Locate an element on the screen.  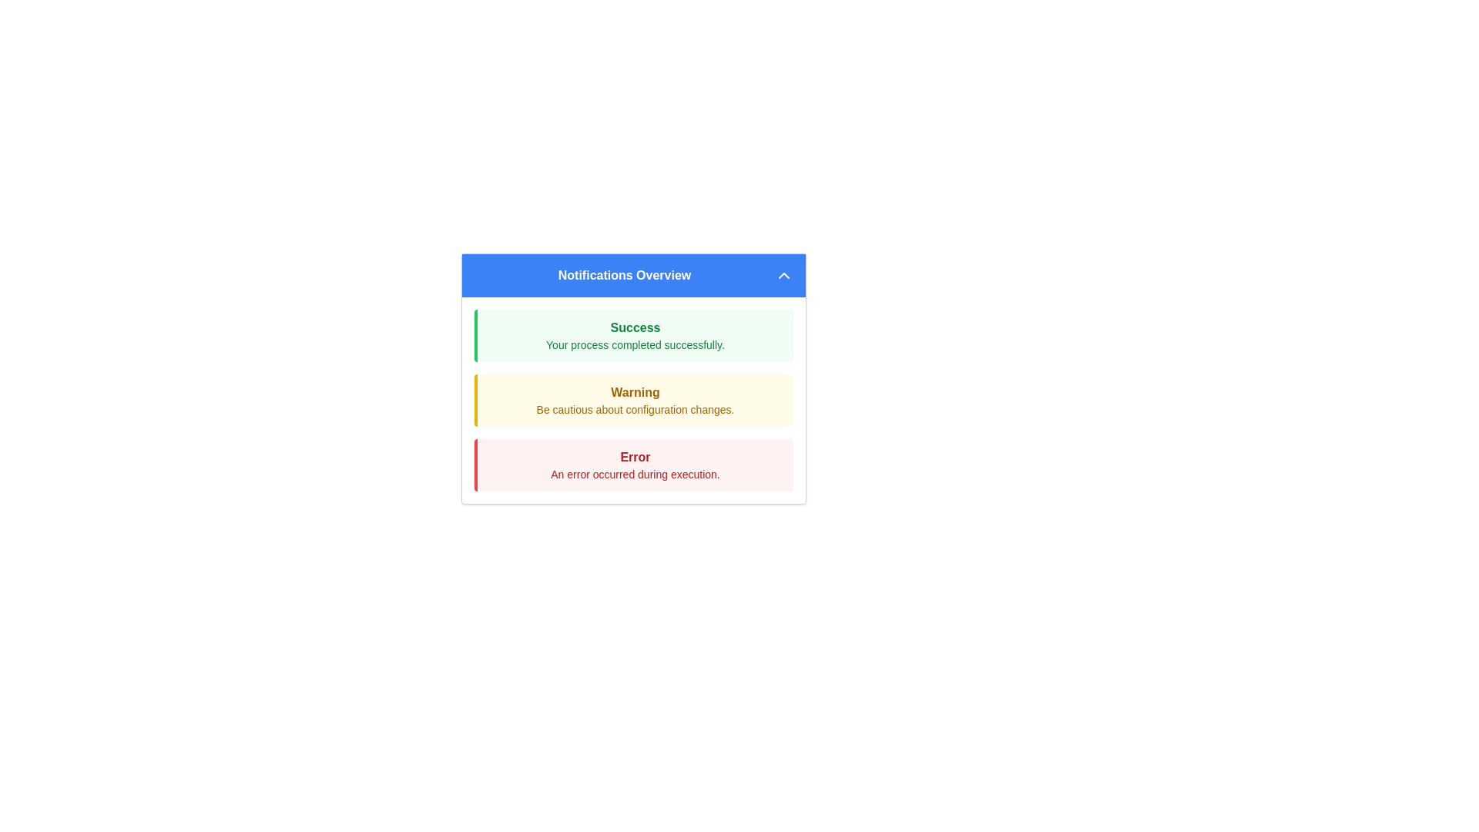
the light green notification message box that contains the bold 'Success' text and the message 'Your process completed successfully.' is located at coordinates (633, 334).